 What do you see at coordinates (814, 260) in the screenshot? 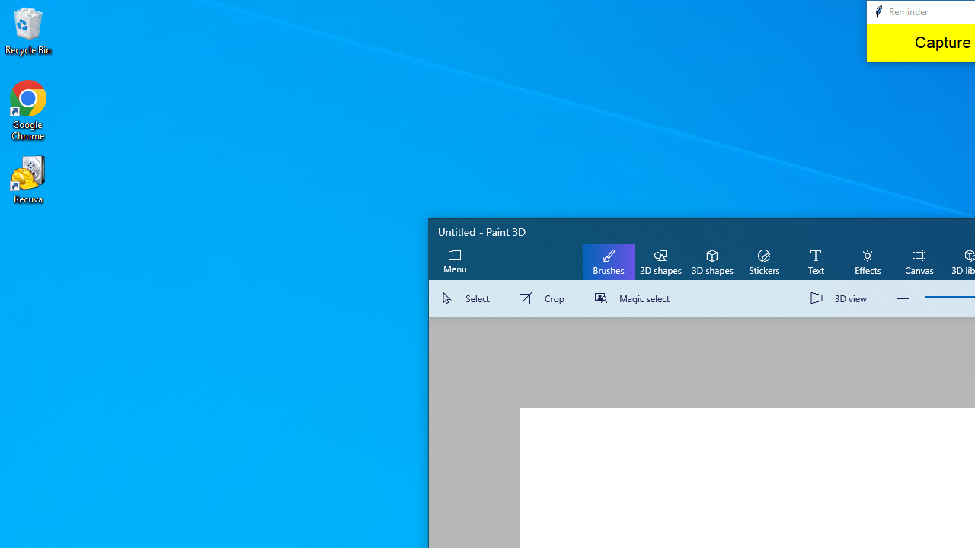
I see `'Text'` at bounding box center [814, 260].